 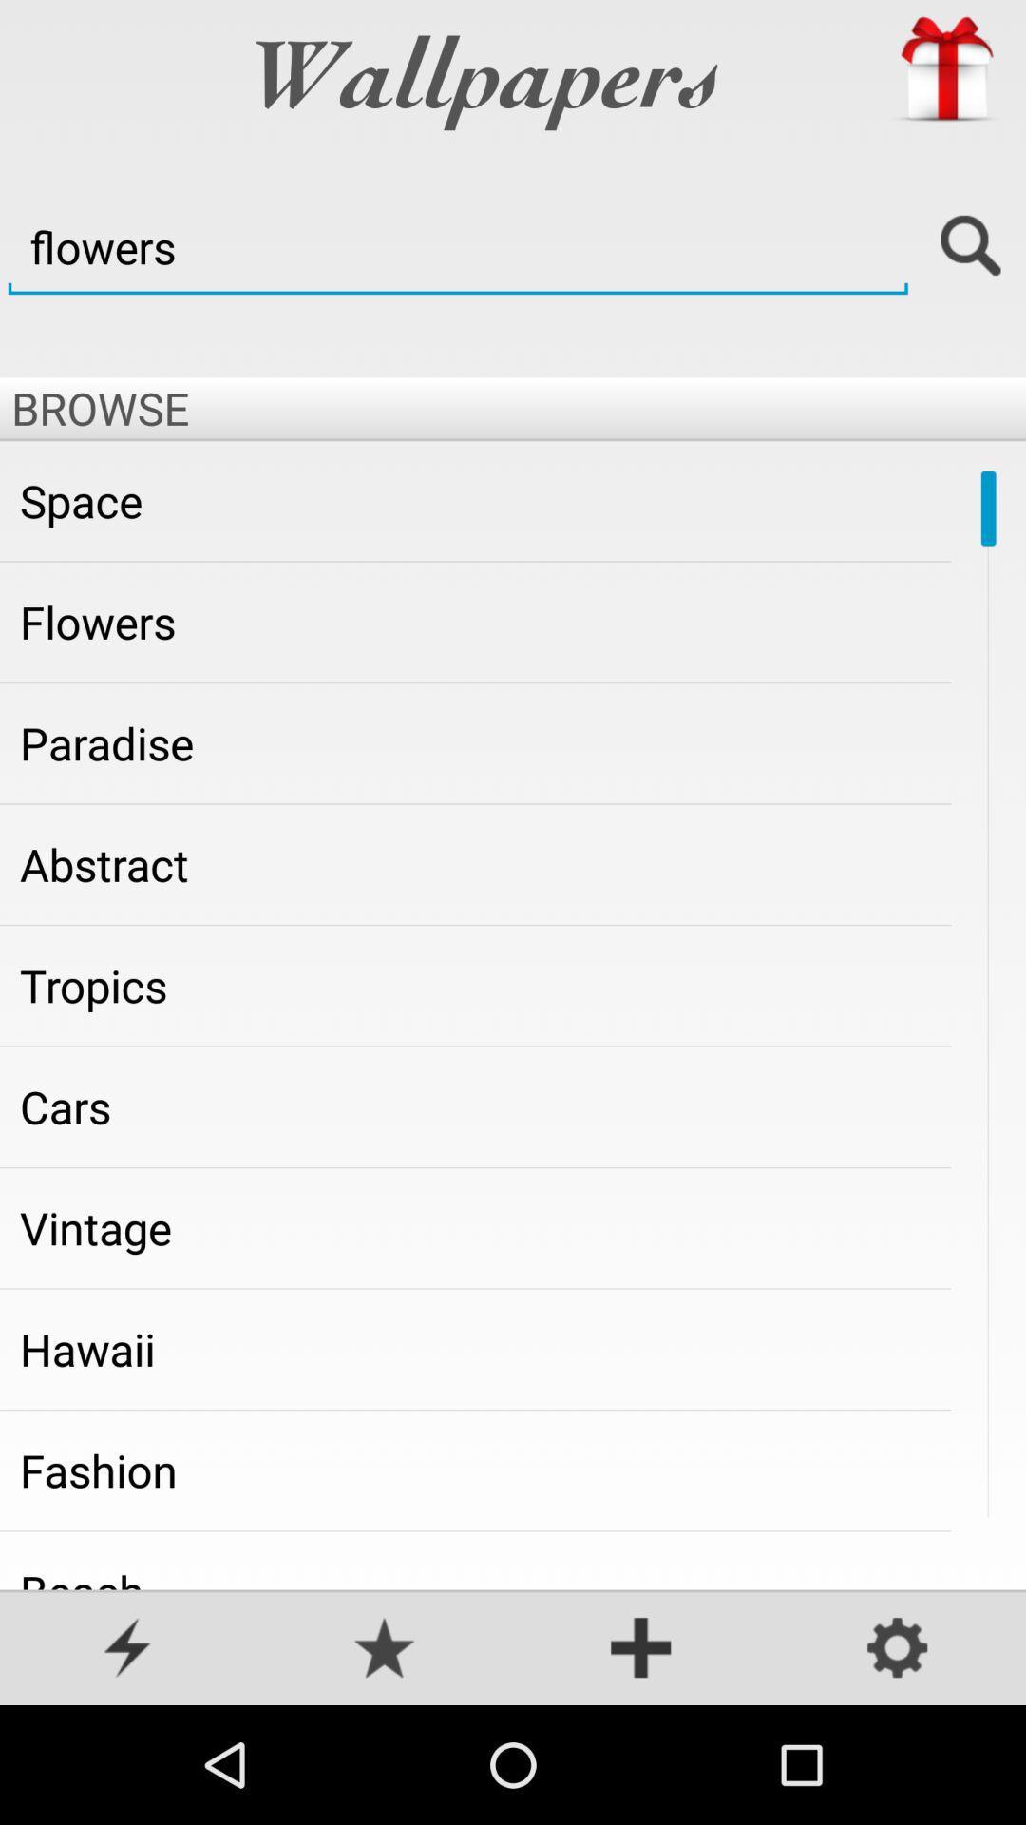 What do you see at coordinates (971, 246) in the screenshot?
I see `search button` at bounding box center [971, 246].